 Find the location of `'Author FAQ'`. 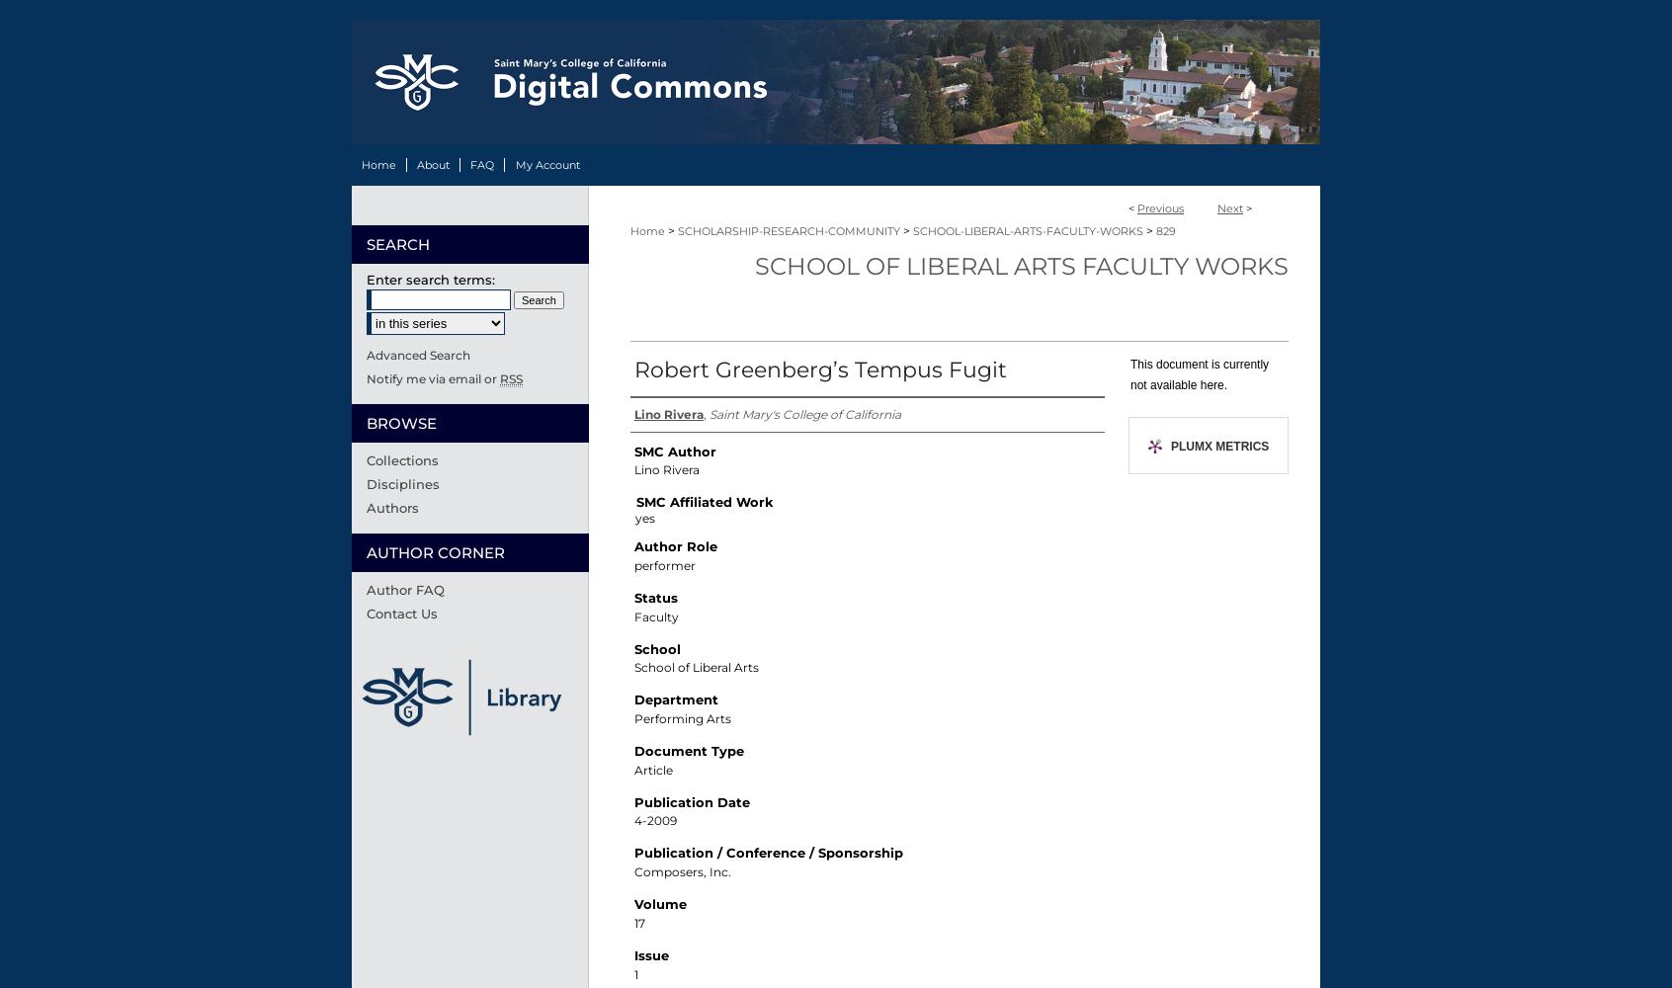

'Author FAQ' is located at coordinates (405, 588).